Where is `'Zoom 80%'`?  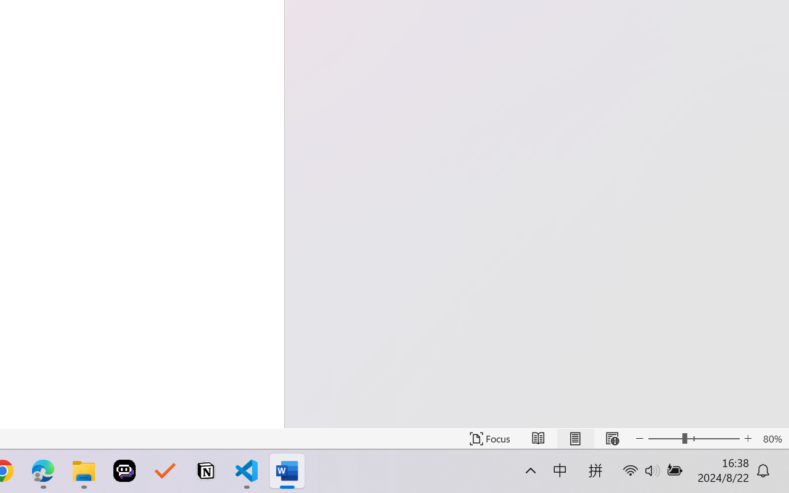
'Zoom 80%' is located at coordinates (772, 438).